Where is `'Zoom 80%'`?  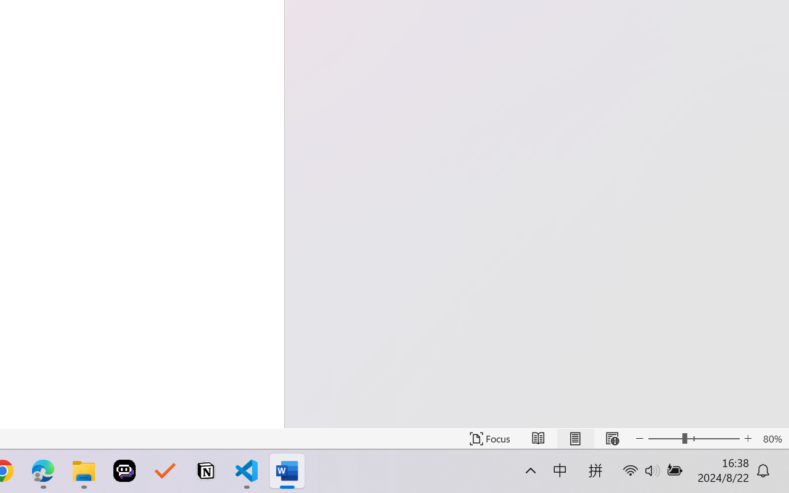
'Zoom 80%' is located at coordinates (772, 438).